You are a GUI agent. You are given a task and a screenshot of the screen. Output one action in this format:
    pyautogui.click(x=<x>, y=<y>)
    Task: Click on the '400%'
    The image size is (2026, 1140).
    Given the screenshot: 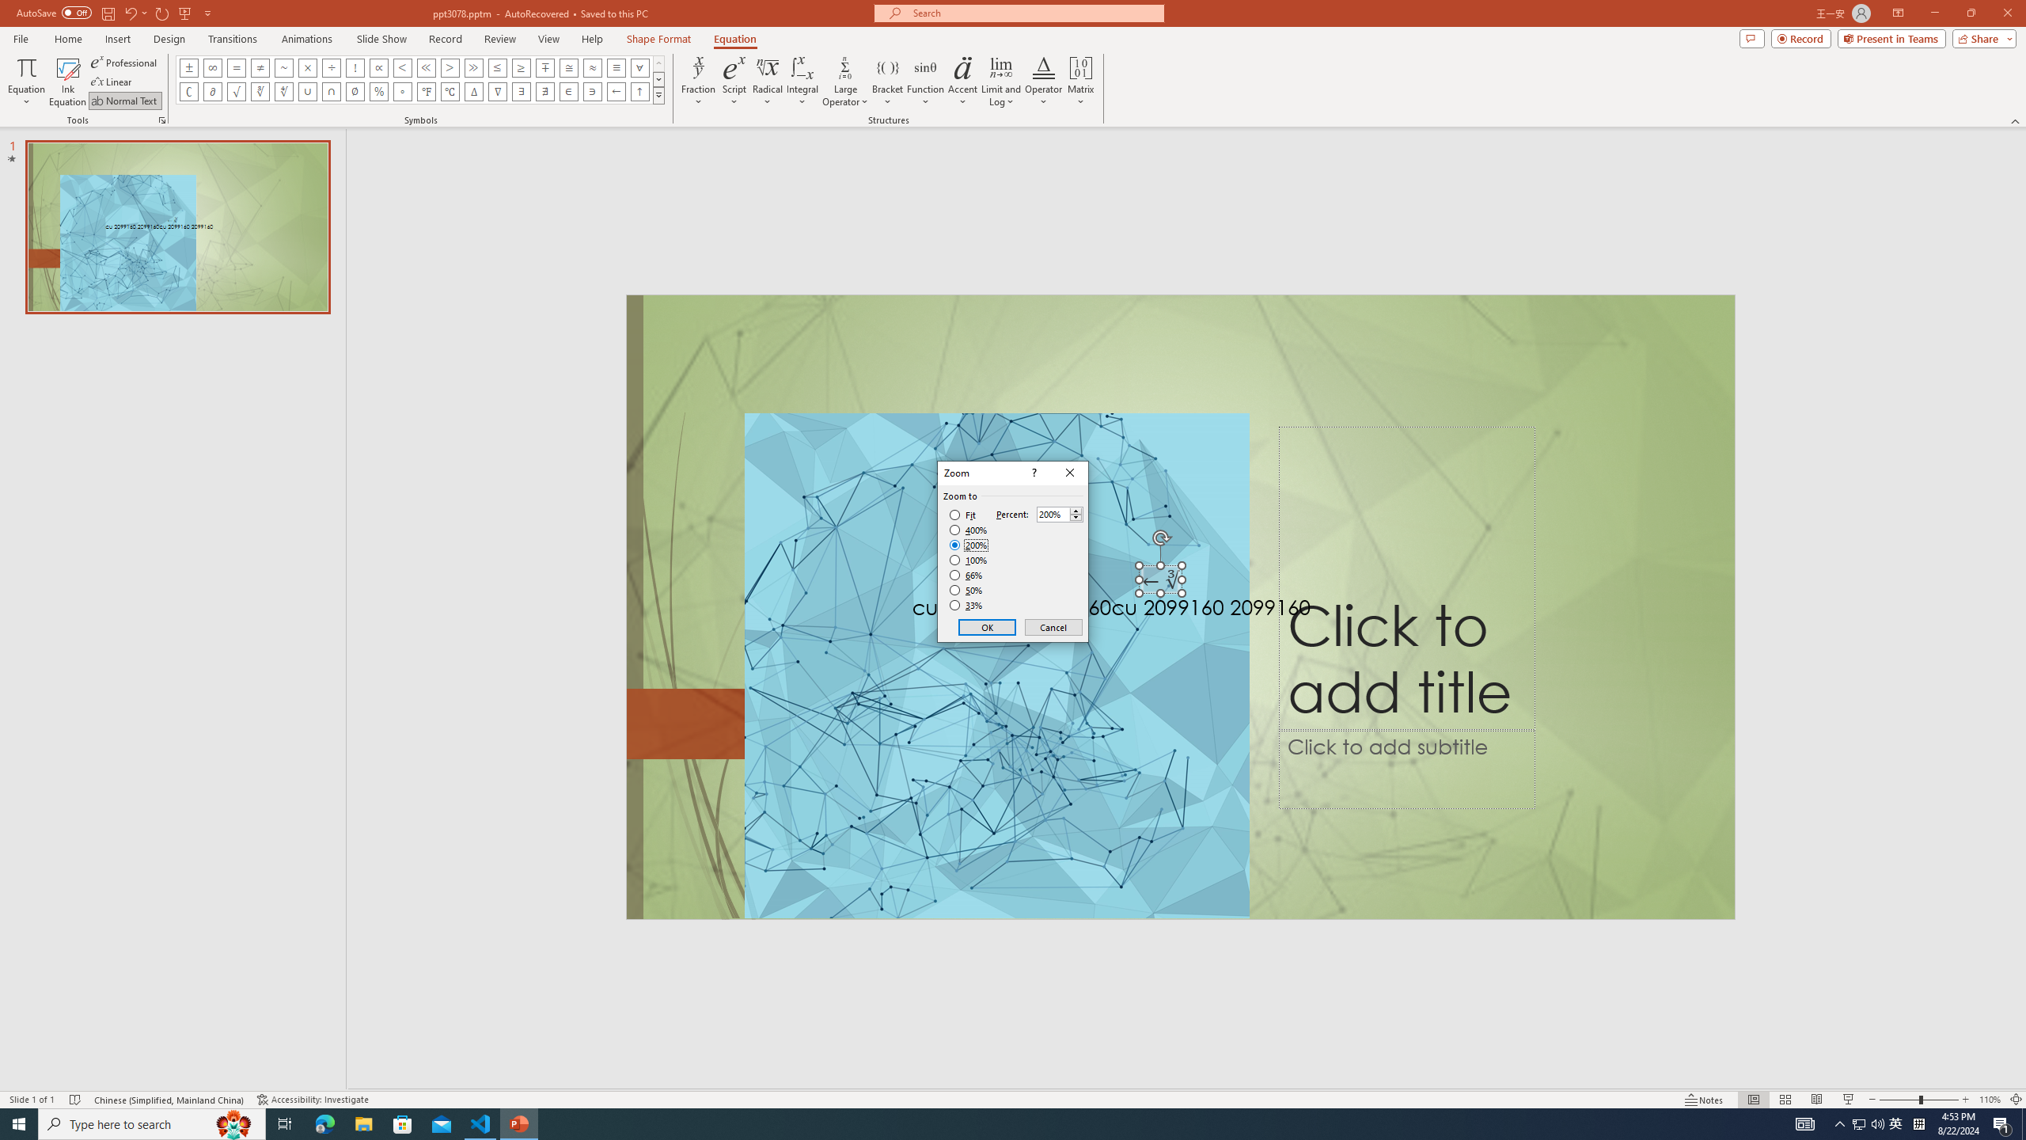 What is the action you would take?
    pyautogui.click(x=968, y=530)
    